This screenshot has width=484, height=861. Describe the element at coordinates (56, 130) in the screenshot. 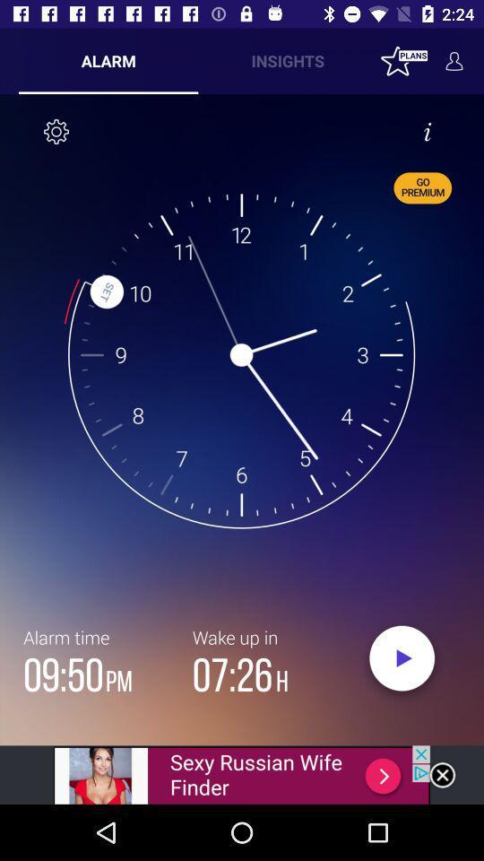

I see `the settings icon` at that location.